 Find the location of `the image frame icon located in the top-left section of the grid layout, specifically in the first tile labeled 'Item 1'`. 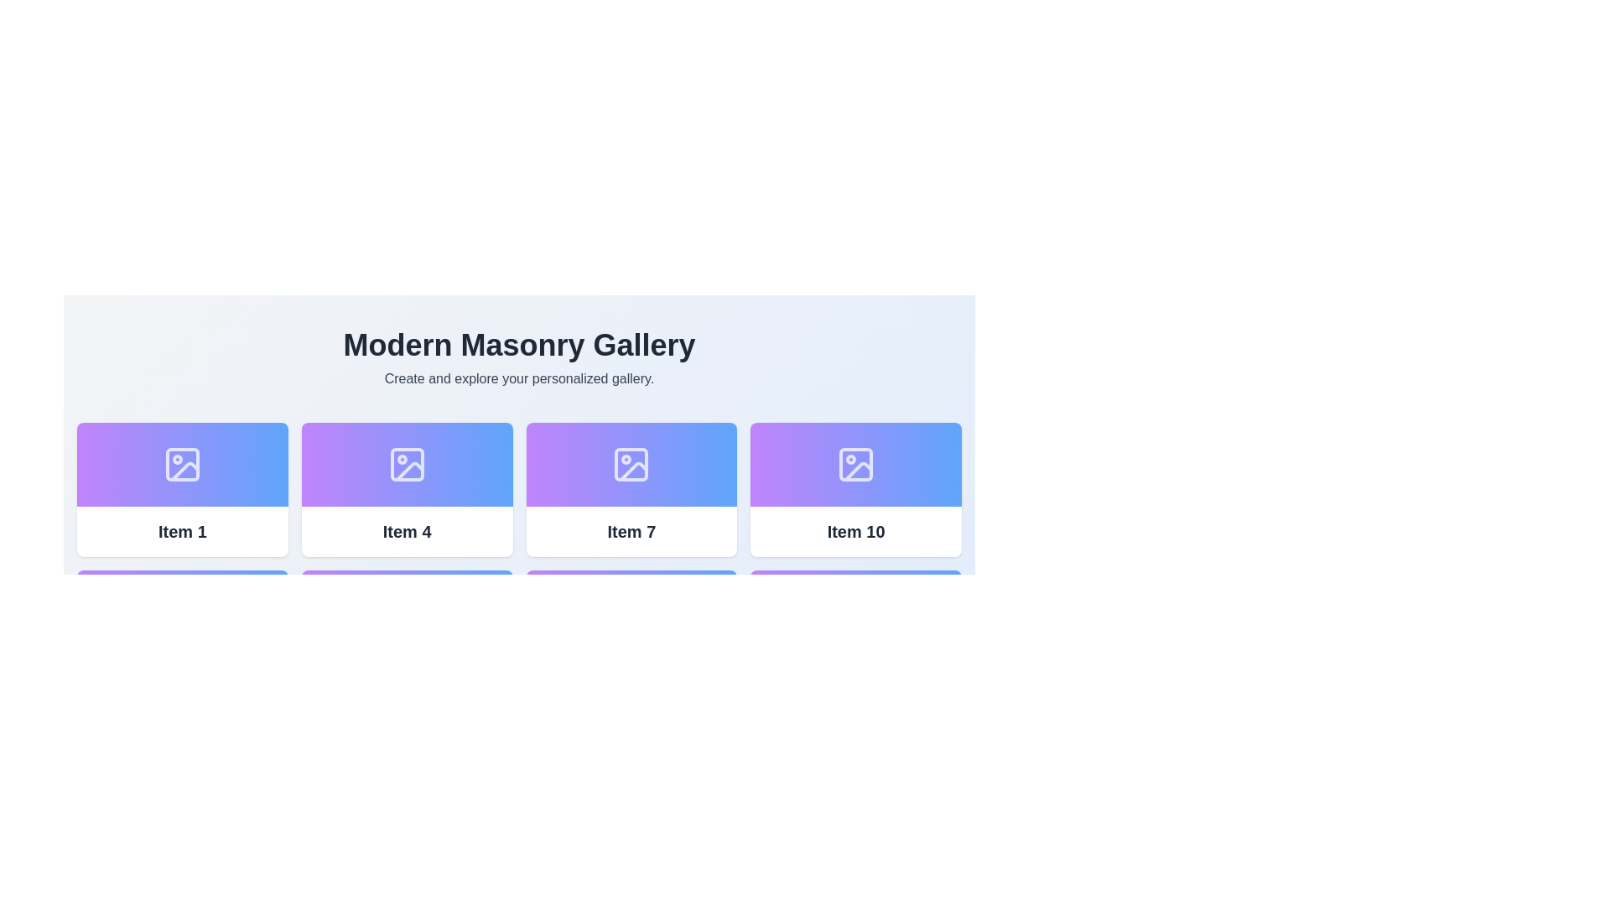

the image frame icon located in the top-left section of the grid layout, specifically in the first tile labeled 'Item 1' is located at coordinates (182, 465).